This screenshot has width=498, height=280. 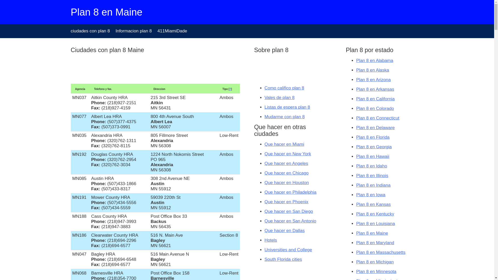 What do you see at coordinates (172, 31) in the screenshot?
I see `'411MiamiDade'` at bounding box center [172, 31].